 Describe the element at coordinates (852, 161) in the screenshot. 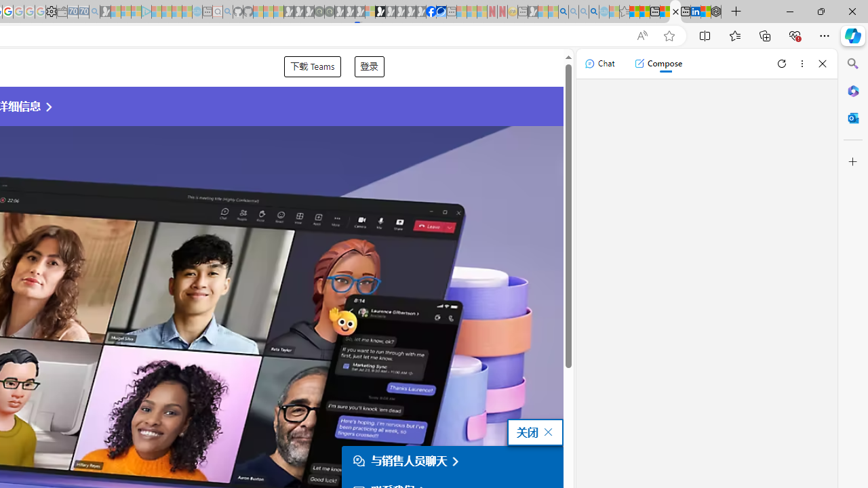

I see `'Close Customize pane'` at that location.